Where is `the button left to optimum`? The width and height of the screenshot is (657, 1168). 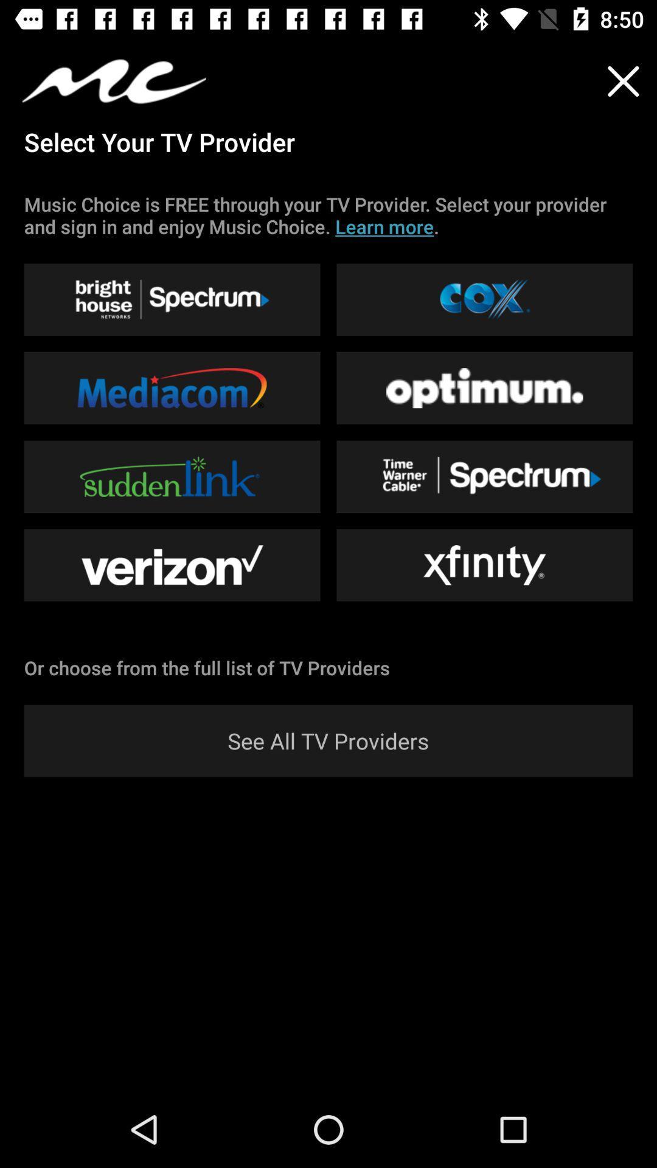
the button left to optimum is located at coordinates (172, 388).